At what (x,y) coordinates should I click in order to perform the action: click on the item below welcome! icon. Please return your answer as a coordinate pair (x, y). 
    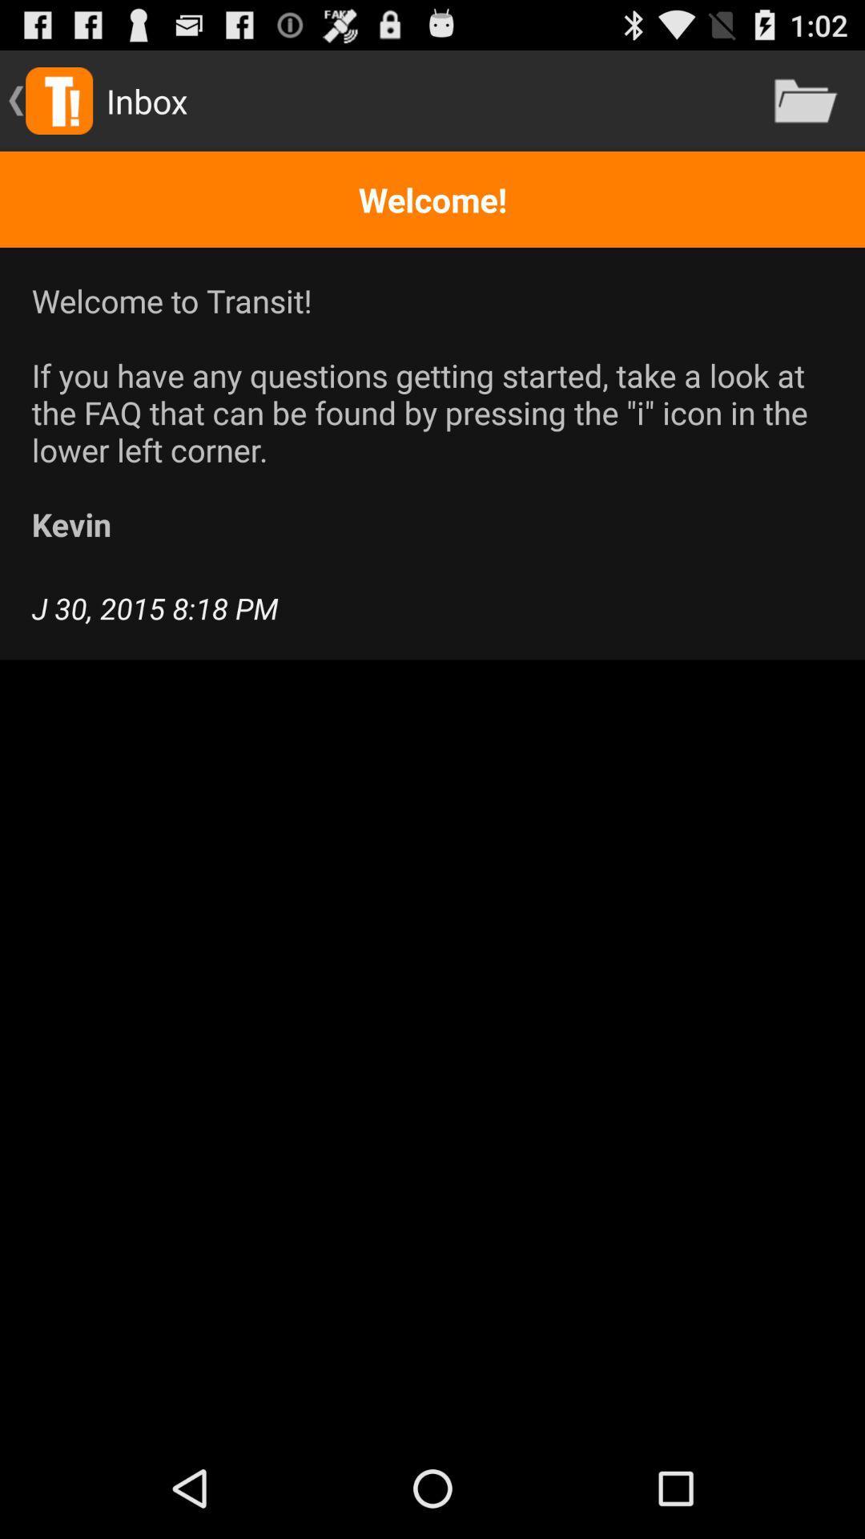
    Looking at the image, I should click on (432, 412).